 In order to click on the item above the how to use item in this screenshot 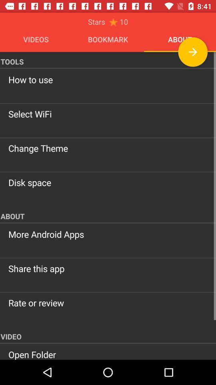, I will do `click(108, 60)`.